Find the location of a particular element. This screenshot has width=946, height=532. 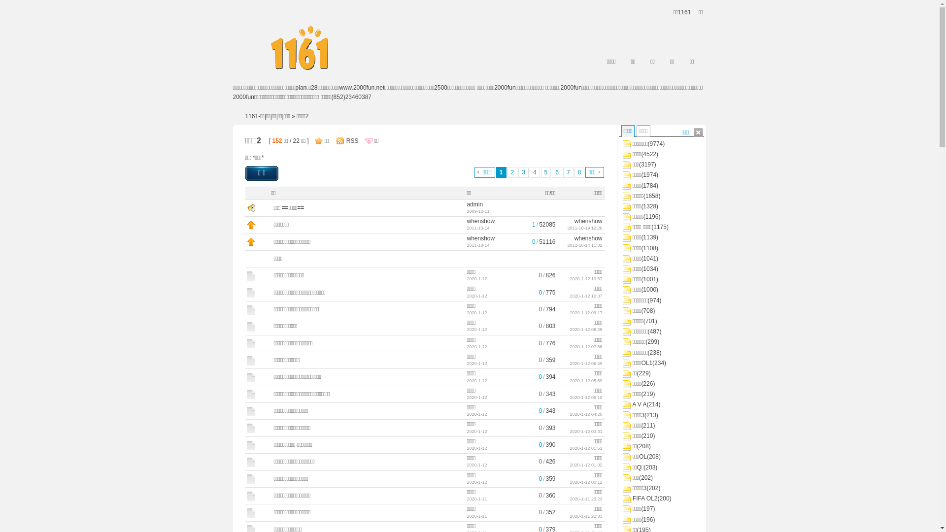

'whenshow' is located at coordinates (588, 220).